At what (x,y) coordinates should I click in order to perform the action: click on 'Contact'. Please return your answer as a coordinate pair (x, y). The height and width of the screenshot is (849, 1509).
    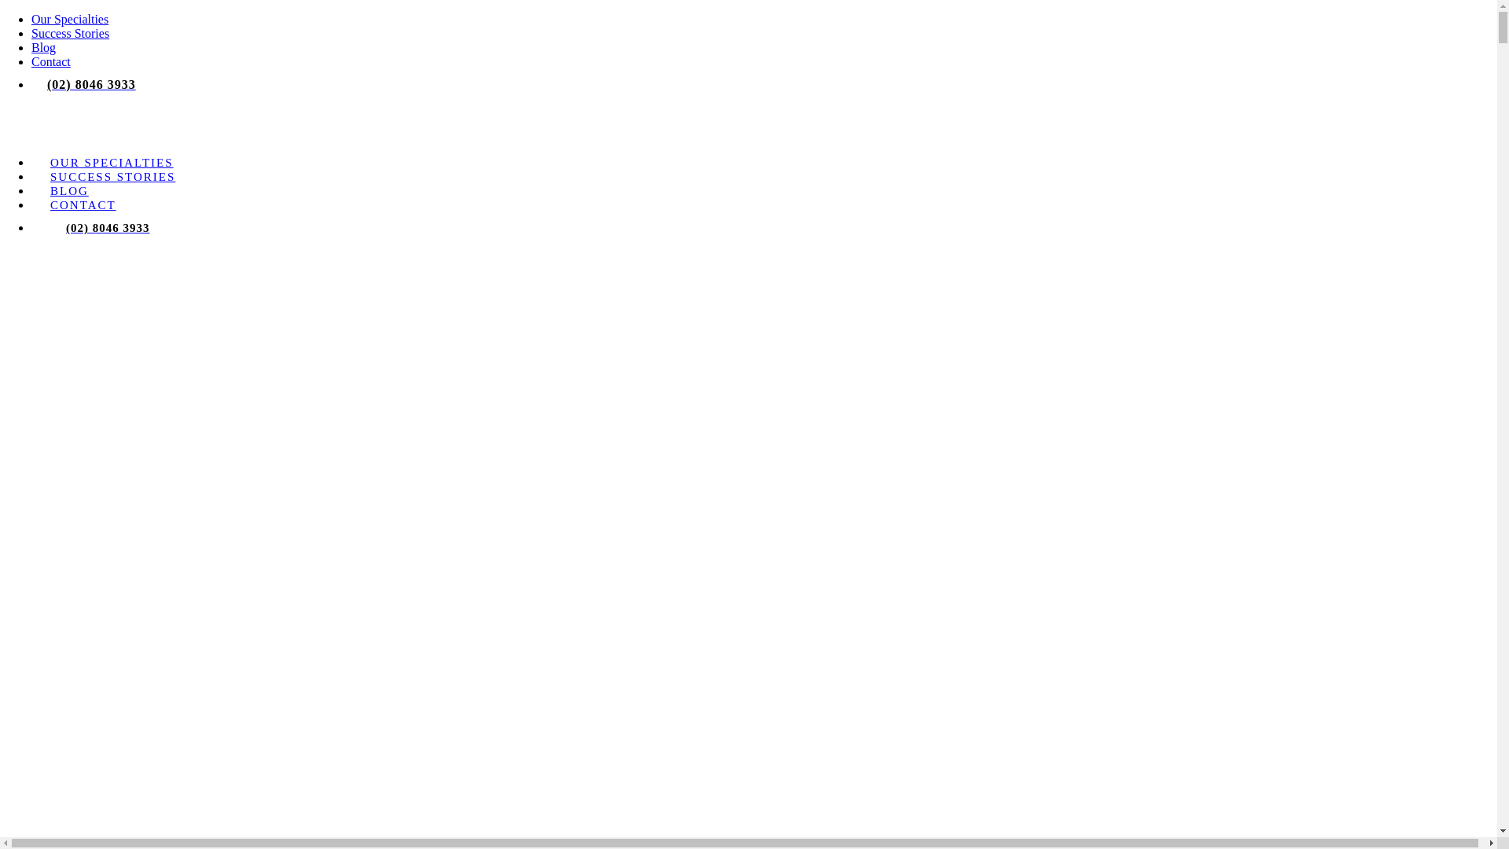
    Looking at the image, I should click on (51, 61).